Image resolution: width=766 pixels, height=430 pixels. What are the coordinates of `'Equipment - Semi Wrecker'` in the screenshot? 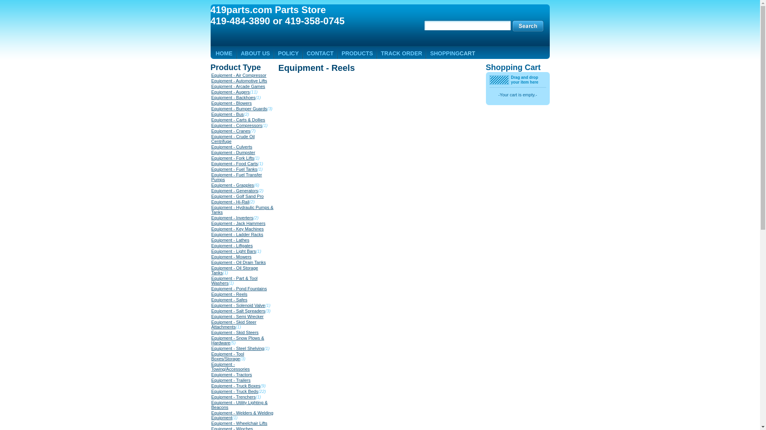 It's located at (237, 316).